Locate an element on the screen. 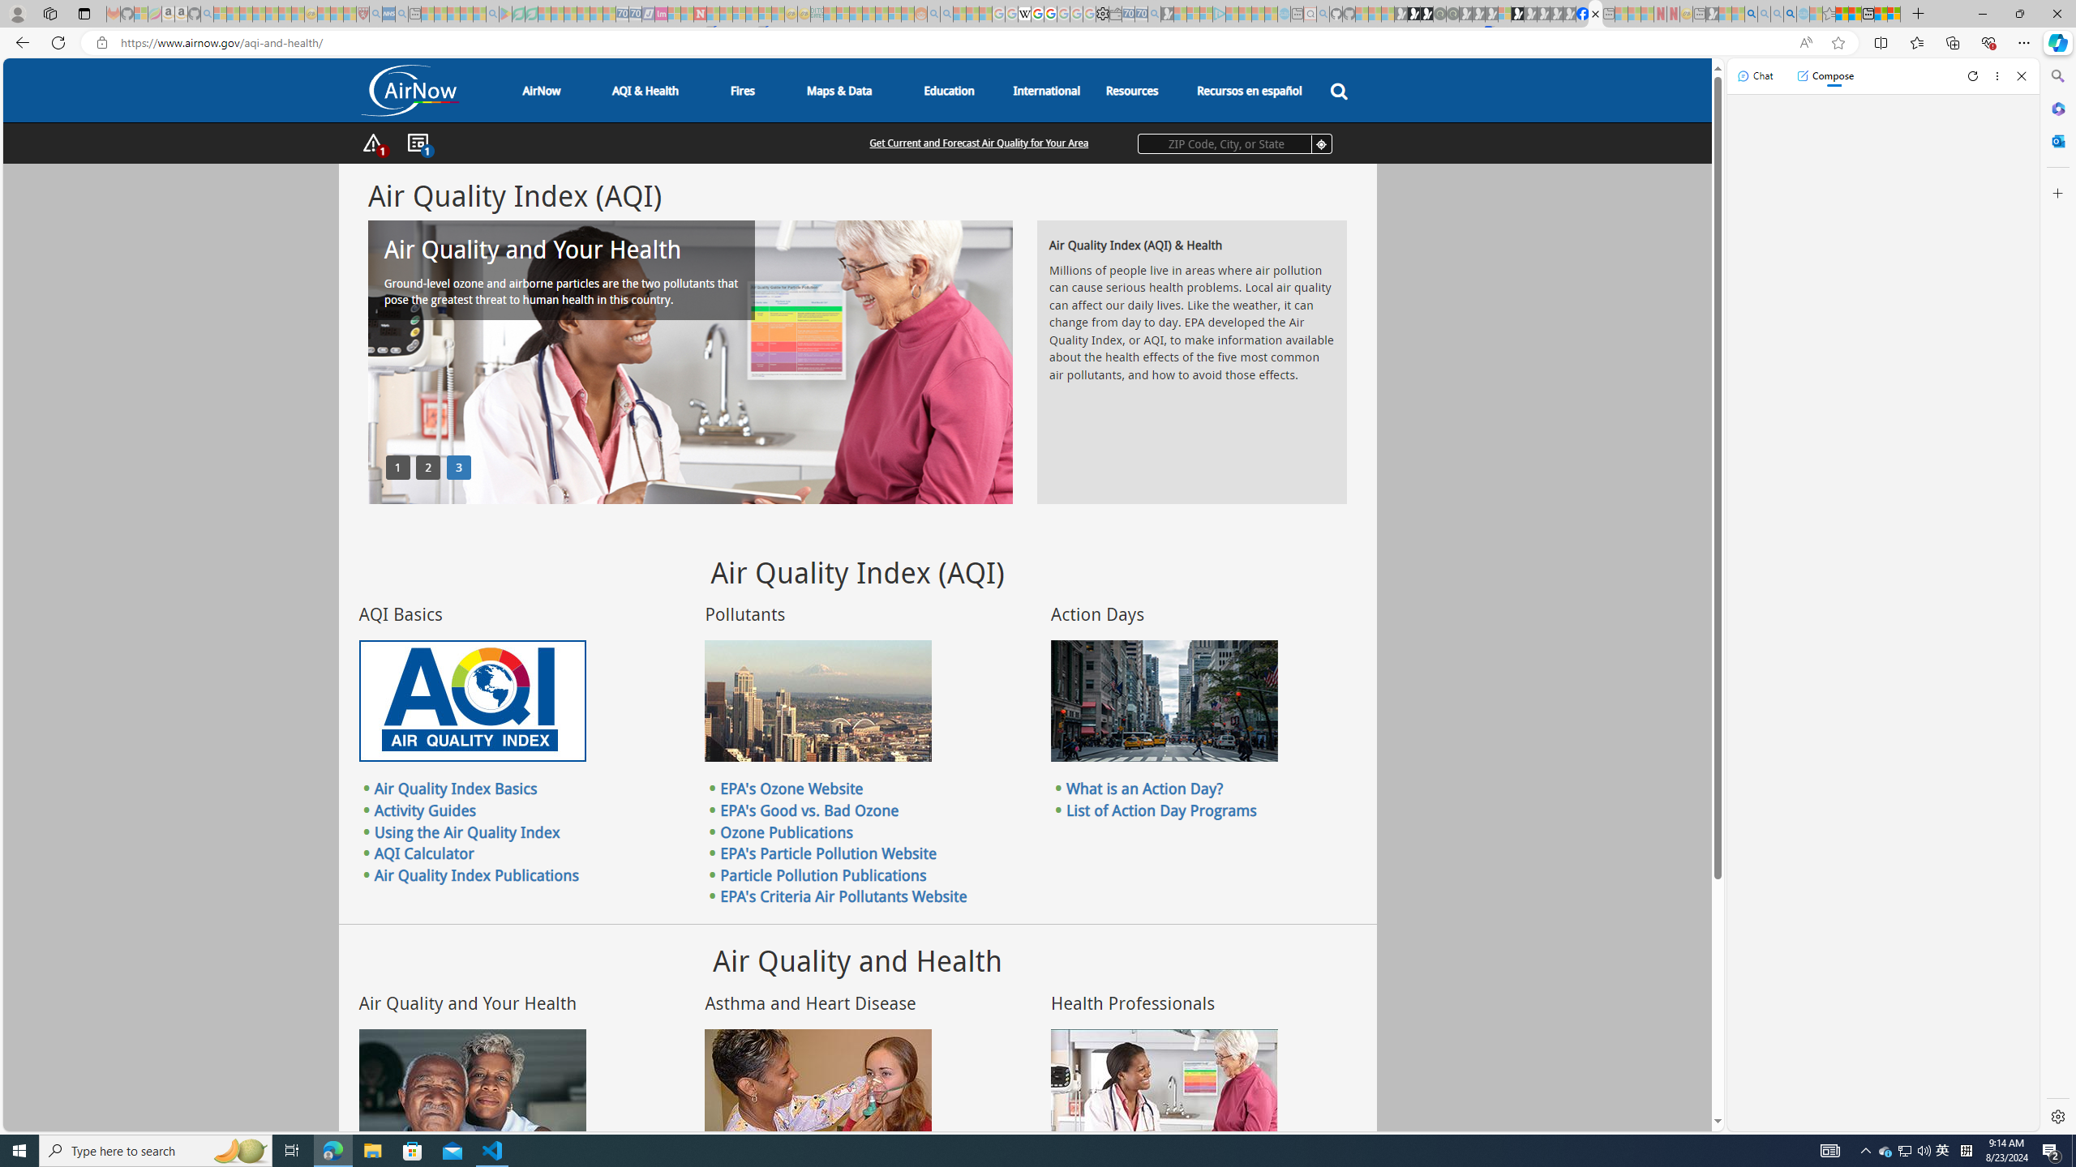 The height and width of the screenshot is (1167, 2076). 'ZIP Code, City, or State' is located at coordinates (1234, 143).